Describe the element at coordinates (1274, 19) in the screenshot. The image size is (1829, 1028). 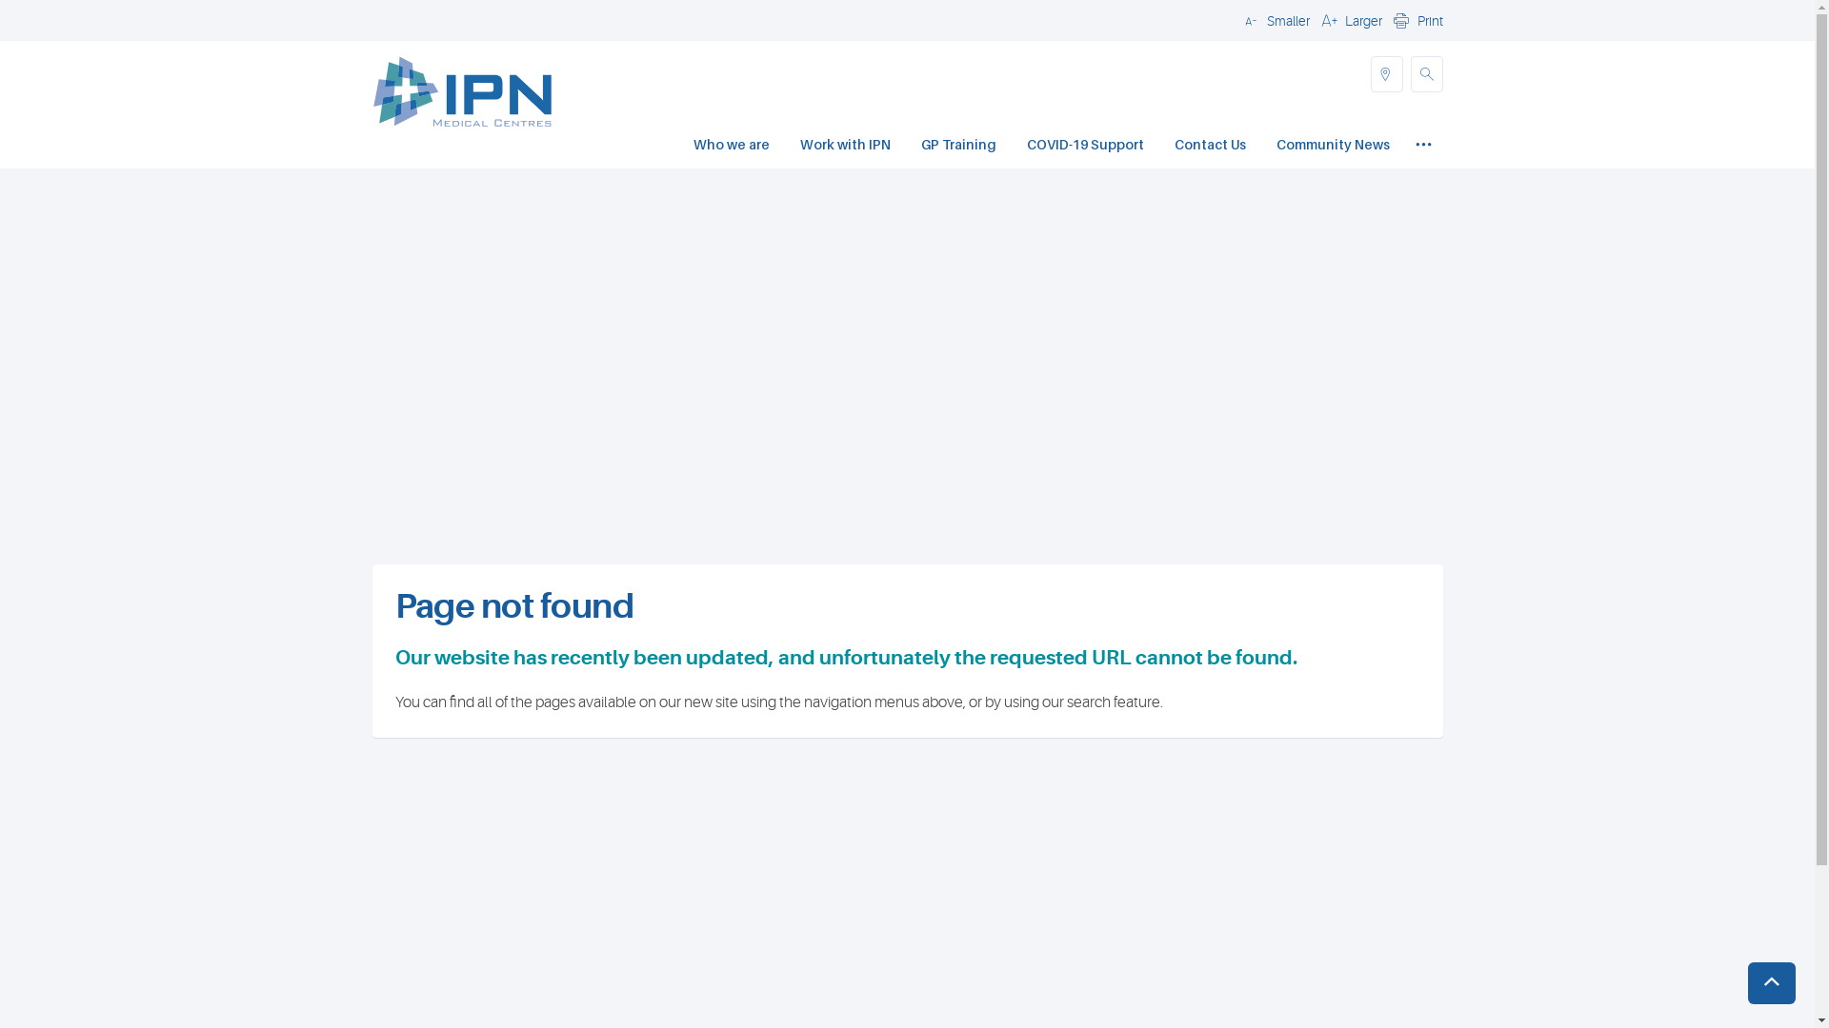
I see `'Smaller'` at that location.